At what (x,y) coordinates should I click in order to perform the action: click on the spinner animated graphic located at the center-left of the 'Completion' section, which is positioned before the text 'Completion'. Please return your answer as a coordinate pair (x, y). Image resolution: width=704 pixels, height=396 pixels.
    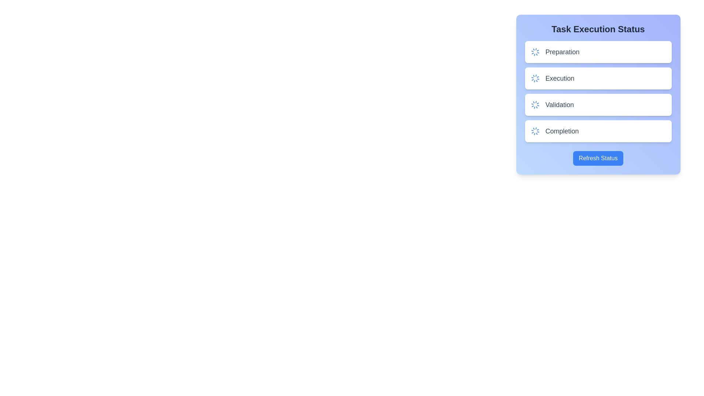
    Looking at the image, I should click on (535, 131).